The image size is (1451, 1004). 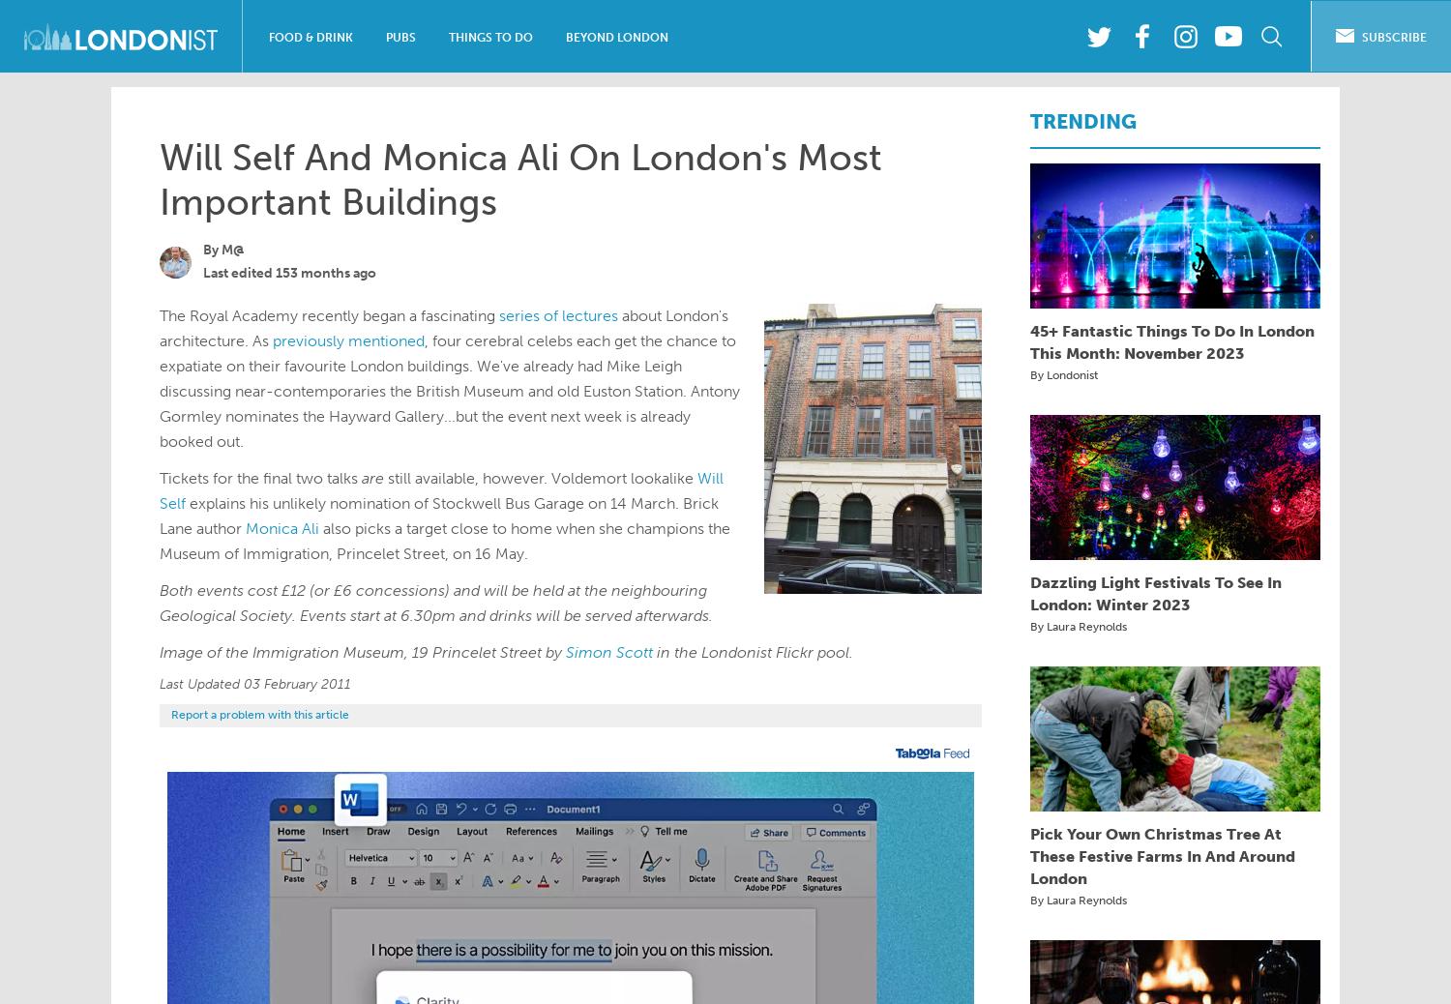 I want to click on 'TRENDING', so click(x=1082, y=120).